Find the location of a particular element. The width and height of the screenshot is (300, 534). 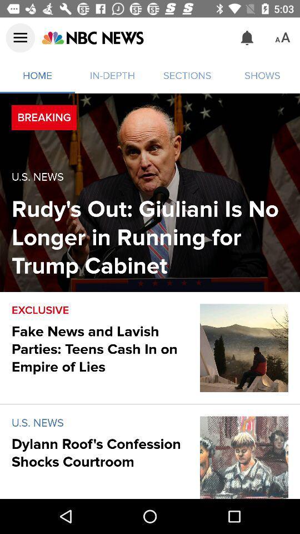

the icon to the right of the sections is located at coordinates (247, 38).